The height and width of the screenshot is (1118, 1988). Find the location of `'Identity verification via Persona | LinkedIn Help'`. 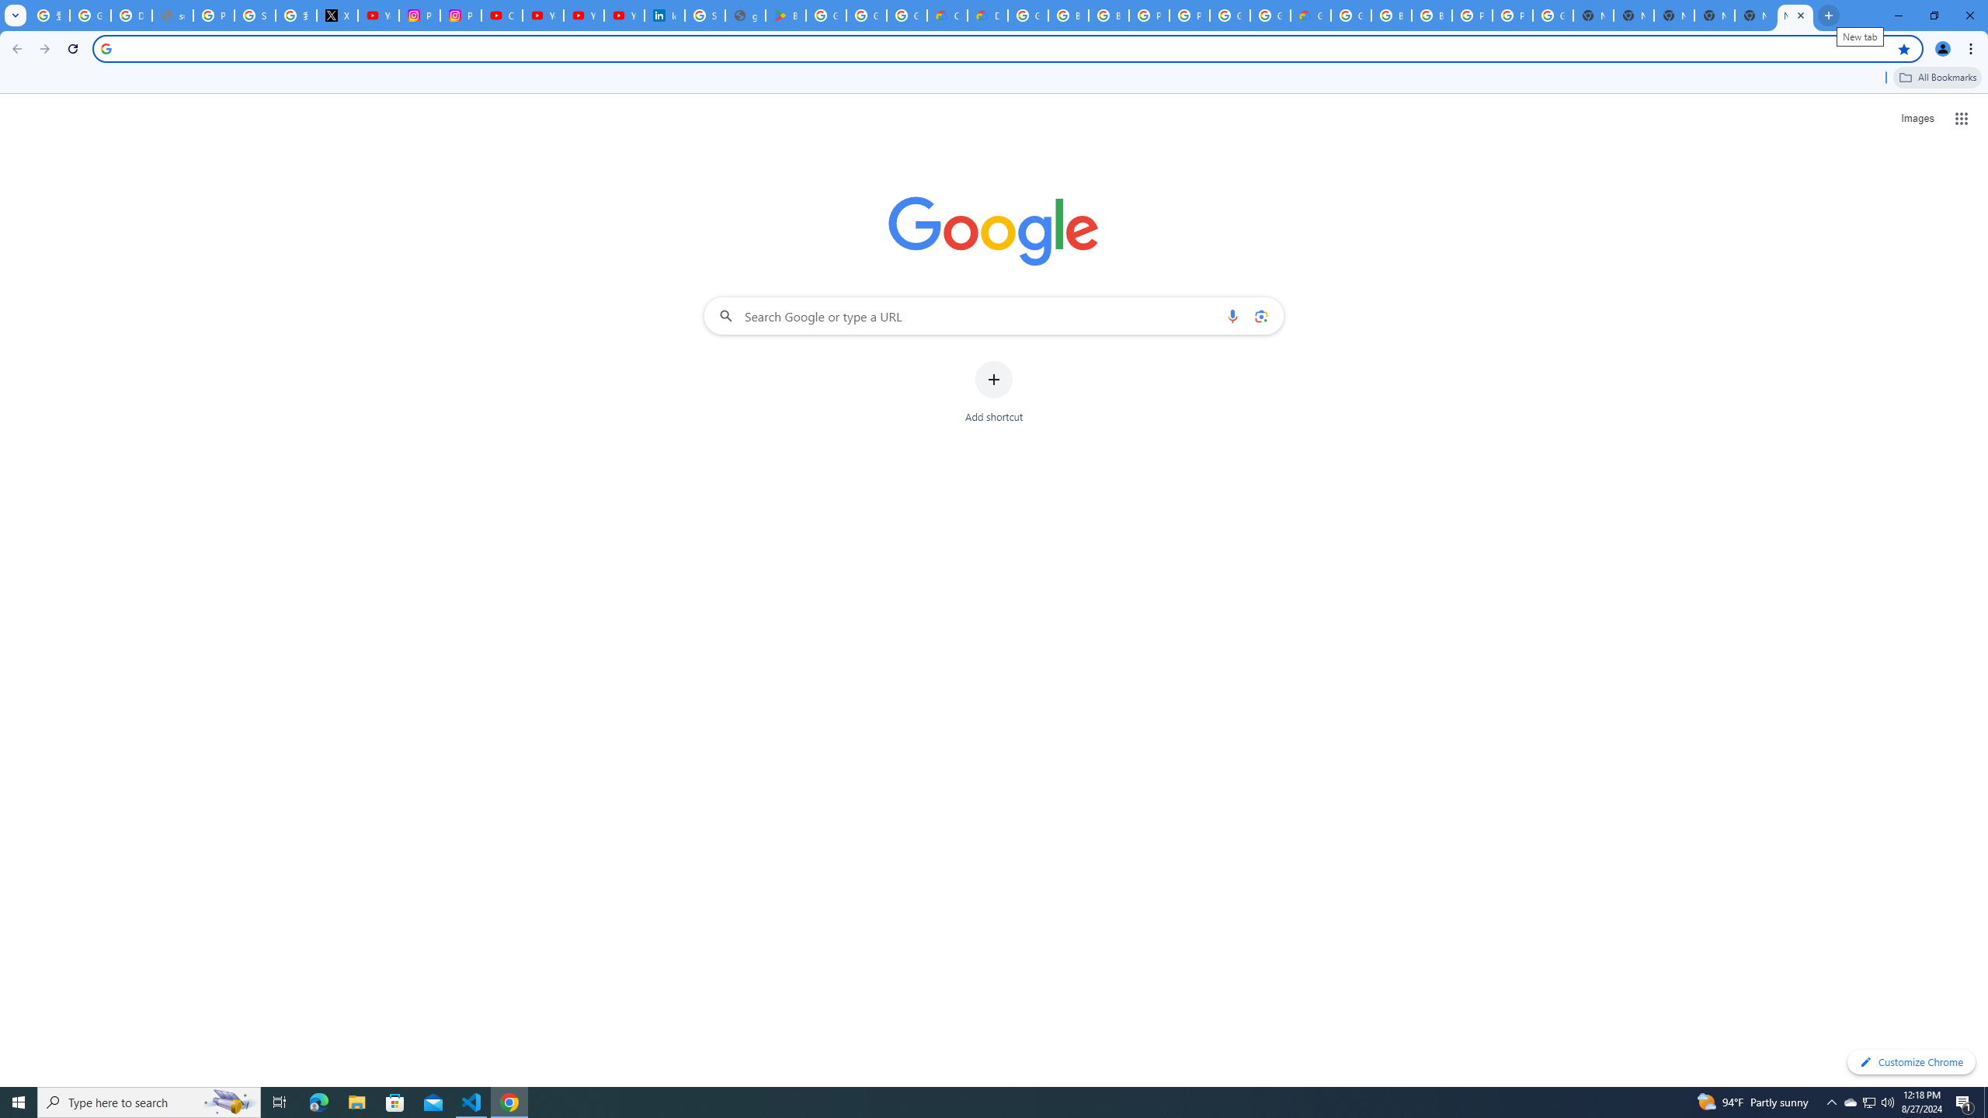

'Identity verification via Persona | LinkedIn Help' is located at coordinates (665, 15).